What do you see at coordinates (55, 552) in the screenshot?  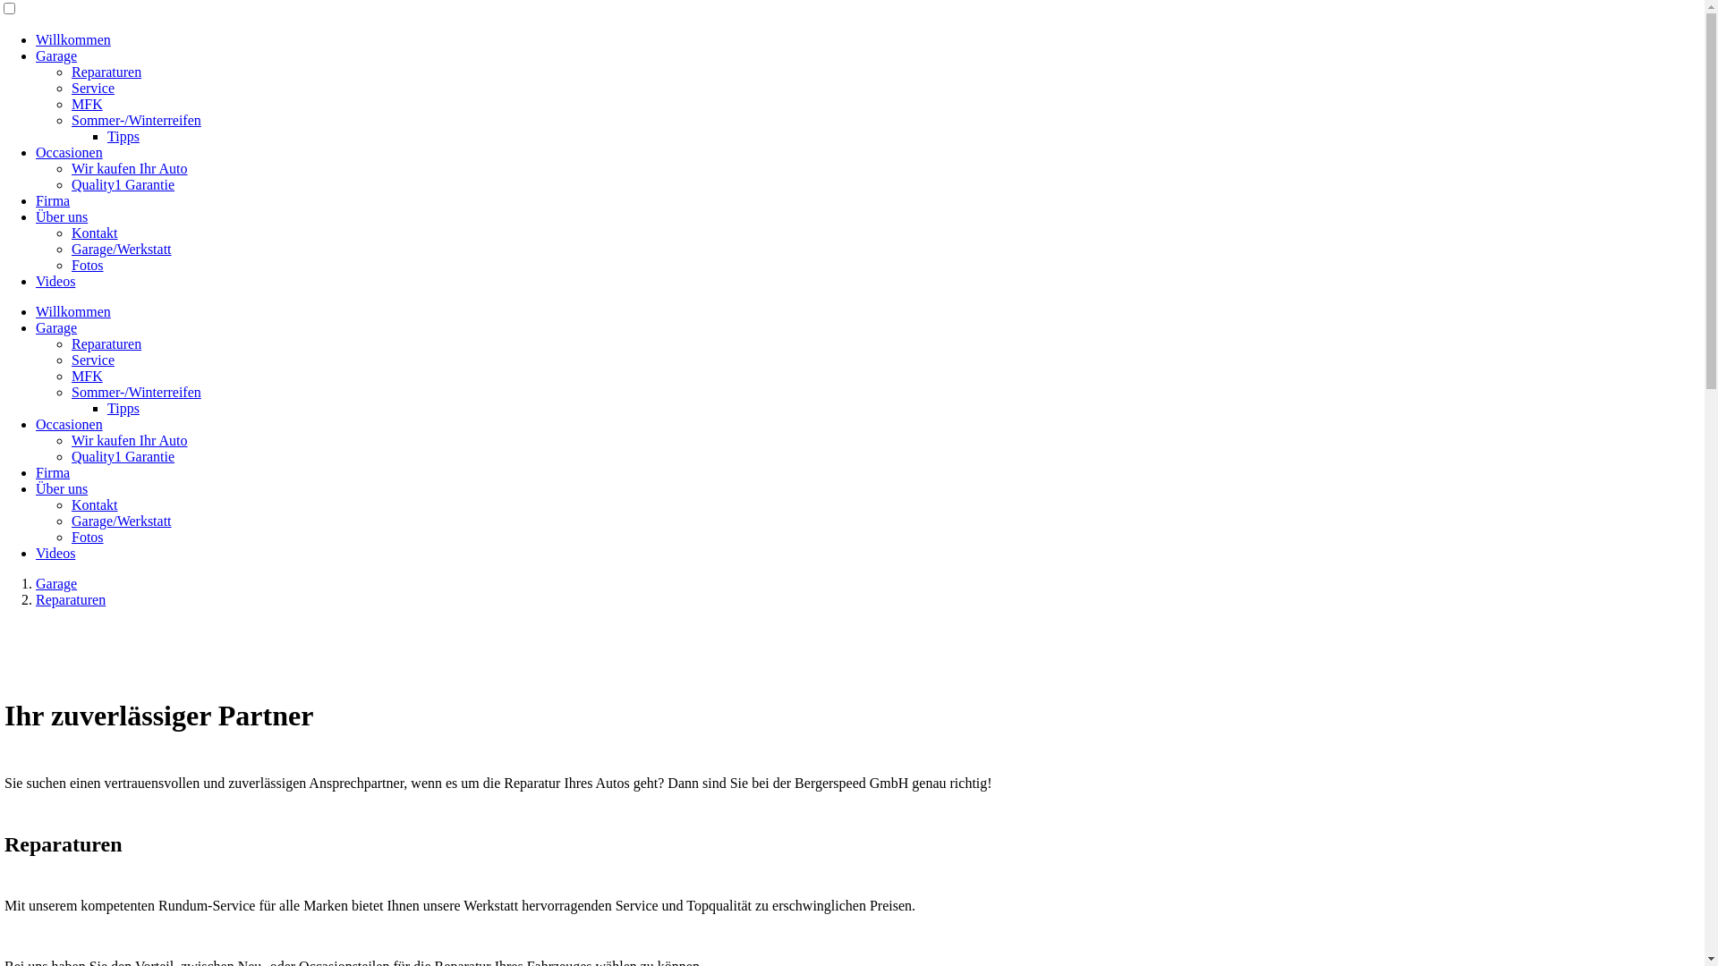 I see `'Videos'` at bounding box center [55, 552].